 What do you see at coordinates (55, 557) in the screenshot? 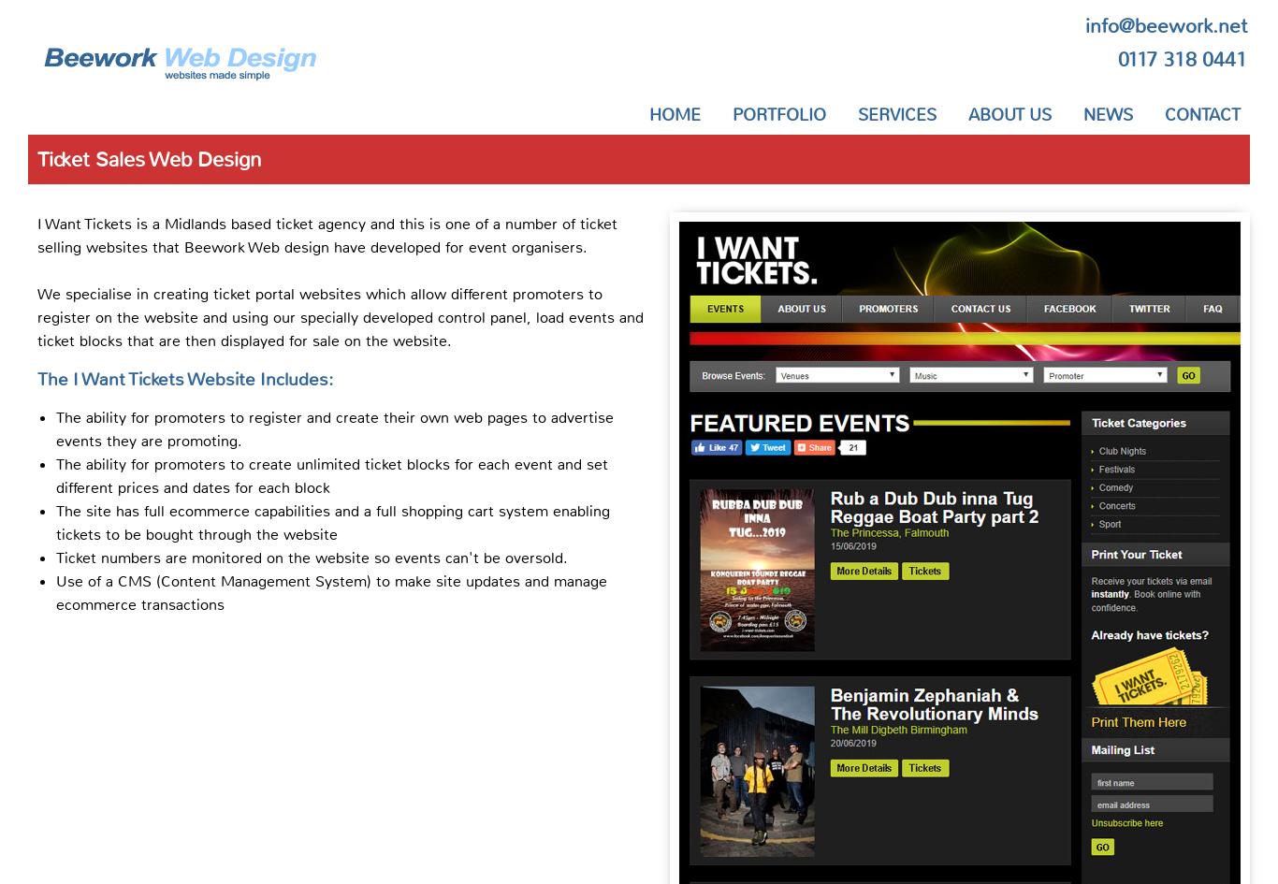
I see `'Ticket numbers are monitored on the website so events can't be oversold.'` at bounding box center [55, 557].